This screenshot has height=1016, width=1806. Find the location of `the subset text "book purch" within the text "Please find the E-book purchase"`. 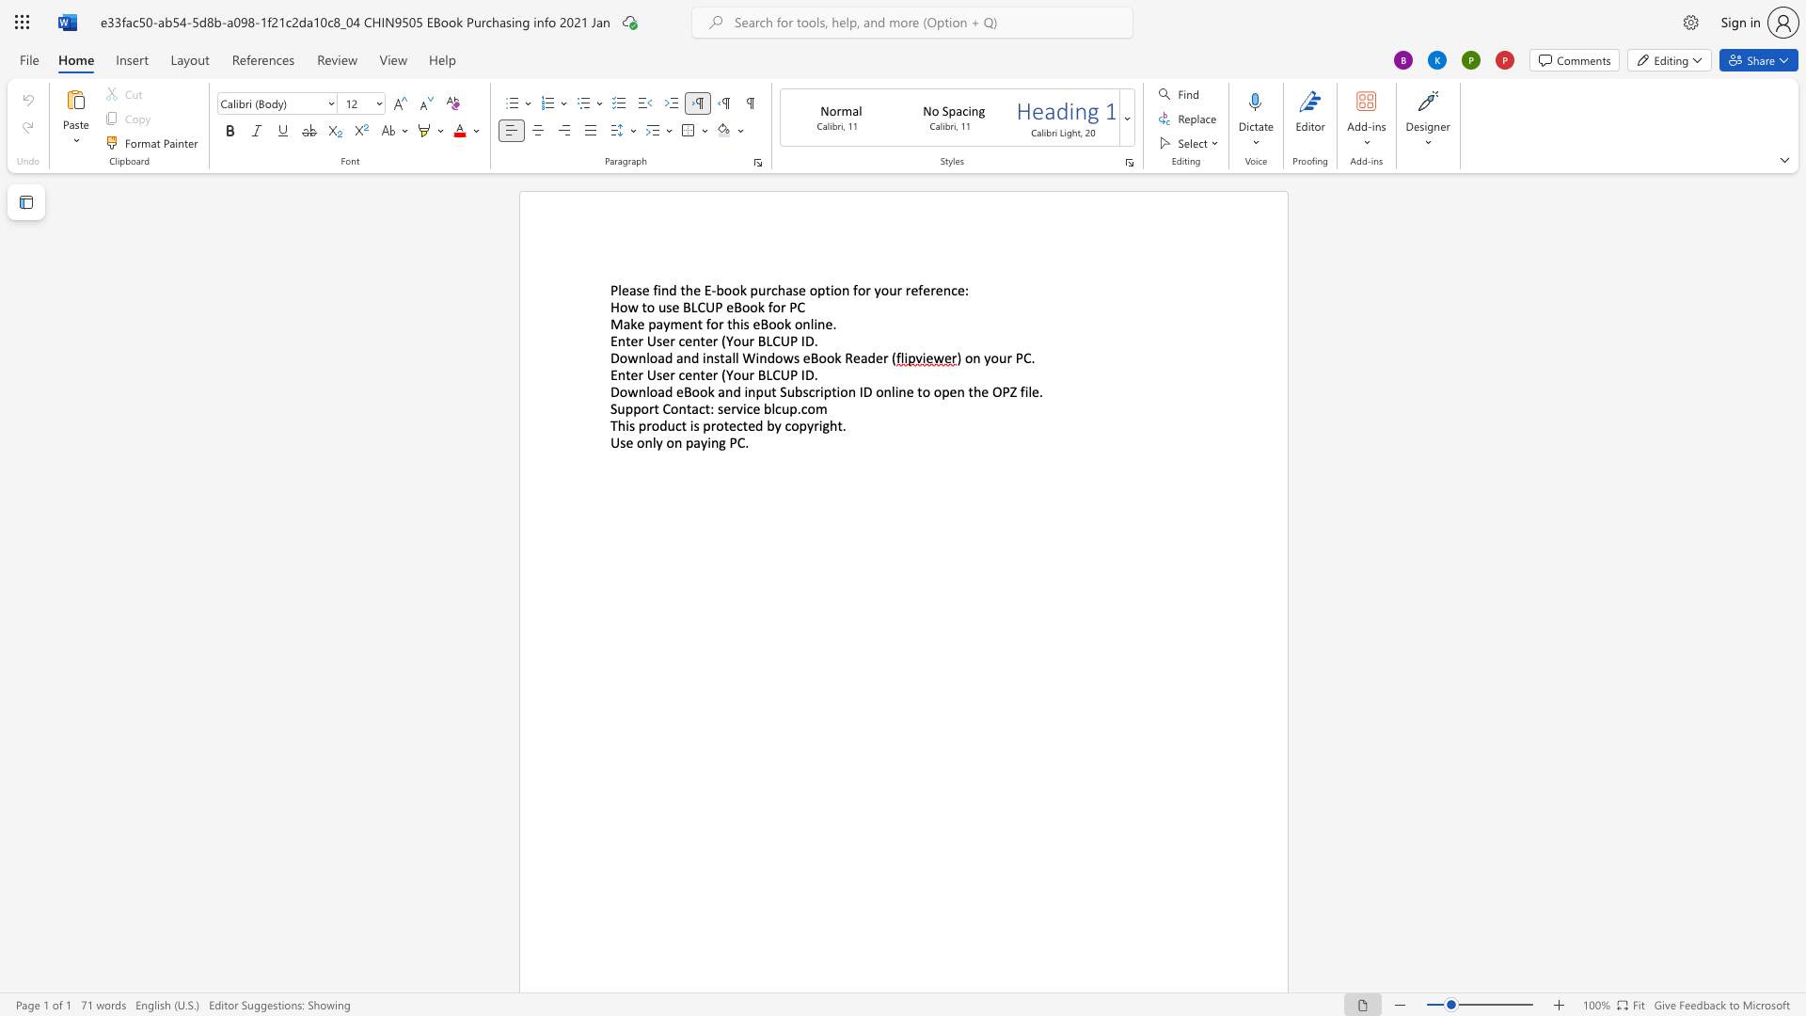

the subset text "book purch" within the text "Please find the E-book purchase" is located at coordinates (715, 290).